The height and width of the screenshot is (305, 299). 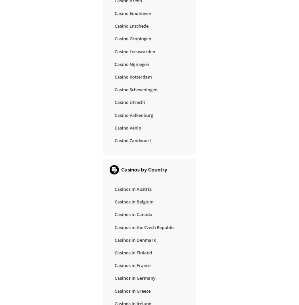 What do you see at coordinates (132, 290) in the screenshot?
I see `'Casinos in Greece'` at bounding box center [132, 290].